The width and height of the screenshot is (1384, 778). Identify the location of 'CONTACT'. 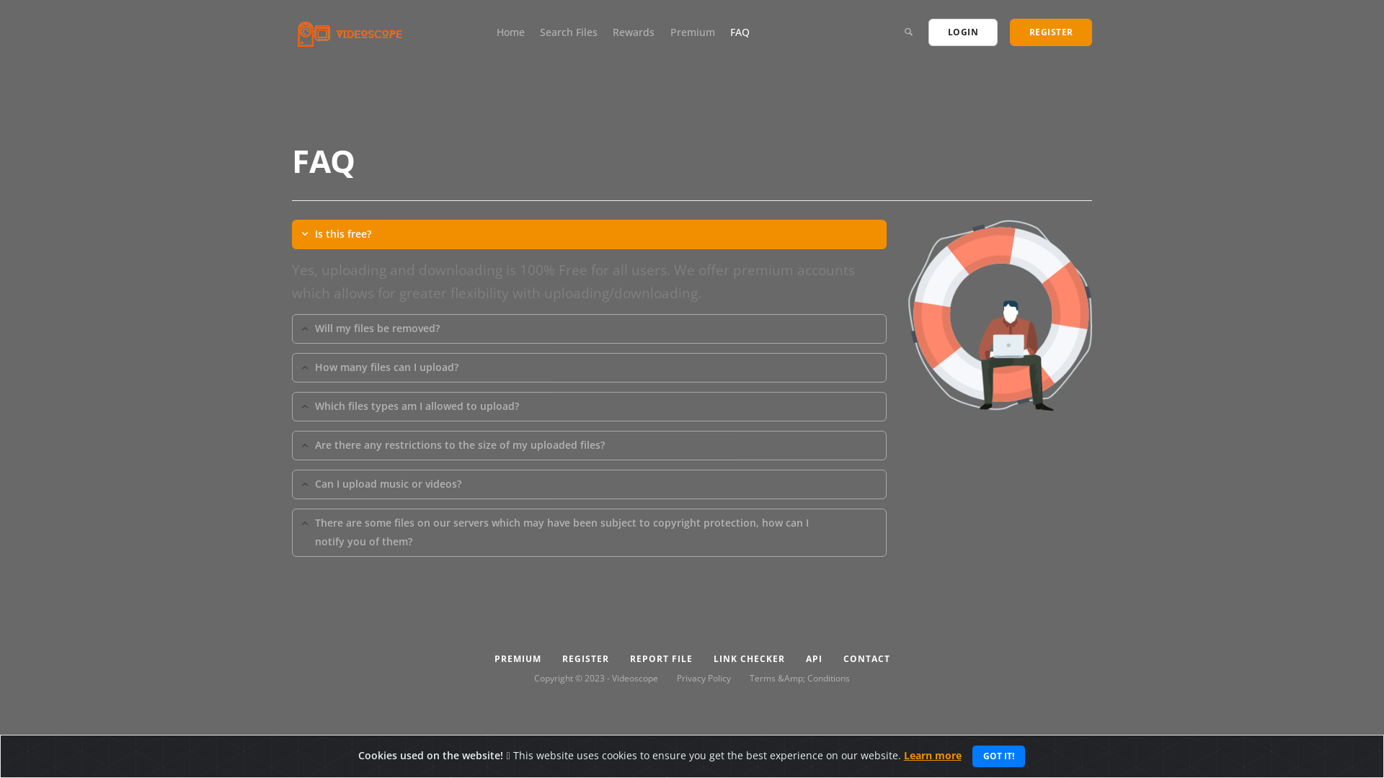
(865, 658).